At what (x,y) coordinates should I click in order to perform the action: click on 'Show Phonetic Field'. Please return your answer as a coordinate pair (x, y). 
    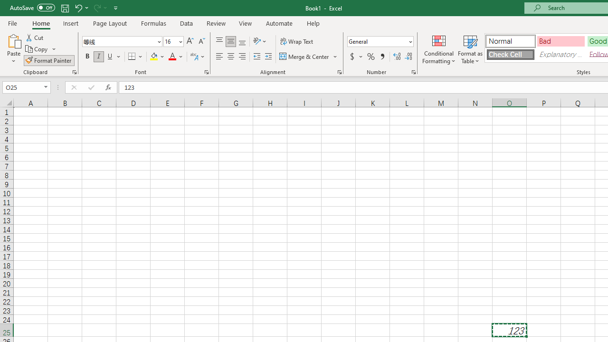
    Looking at the image, I should click on (197, 57).